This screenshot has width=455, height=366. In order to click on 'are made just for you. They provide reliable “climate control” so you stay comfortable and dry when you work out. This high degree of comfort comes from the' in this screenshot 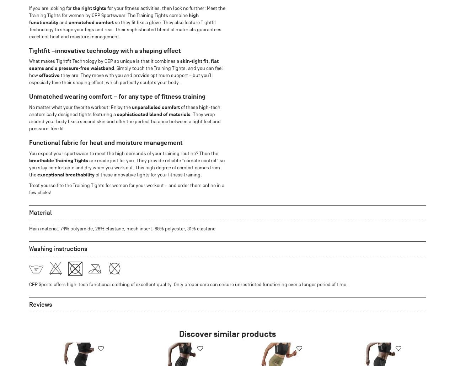, I will do `click(127, 168)`.